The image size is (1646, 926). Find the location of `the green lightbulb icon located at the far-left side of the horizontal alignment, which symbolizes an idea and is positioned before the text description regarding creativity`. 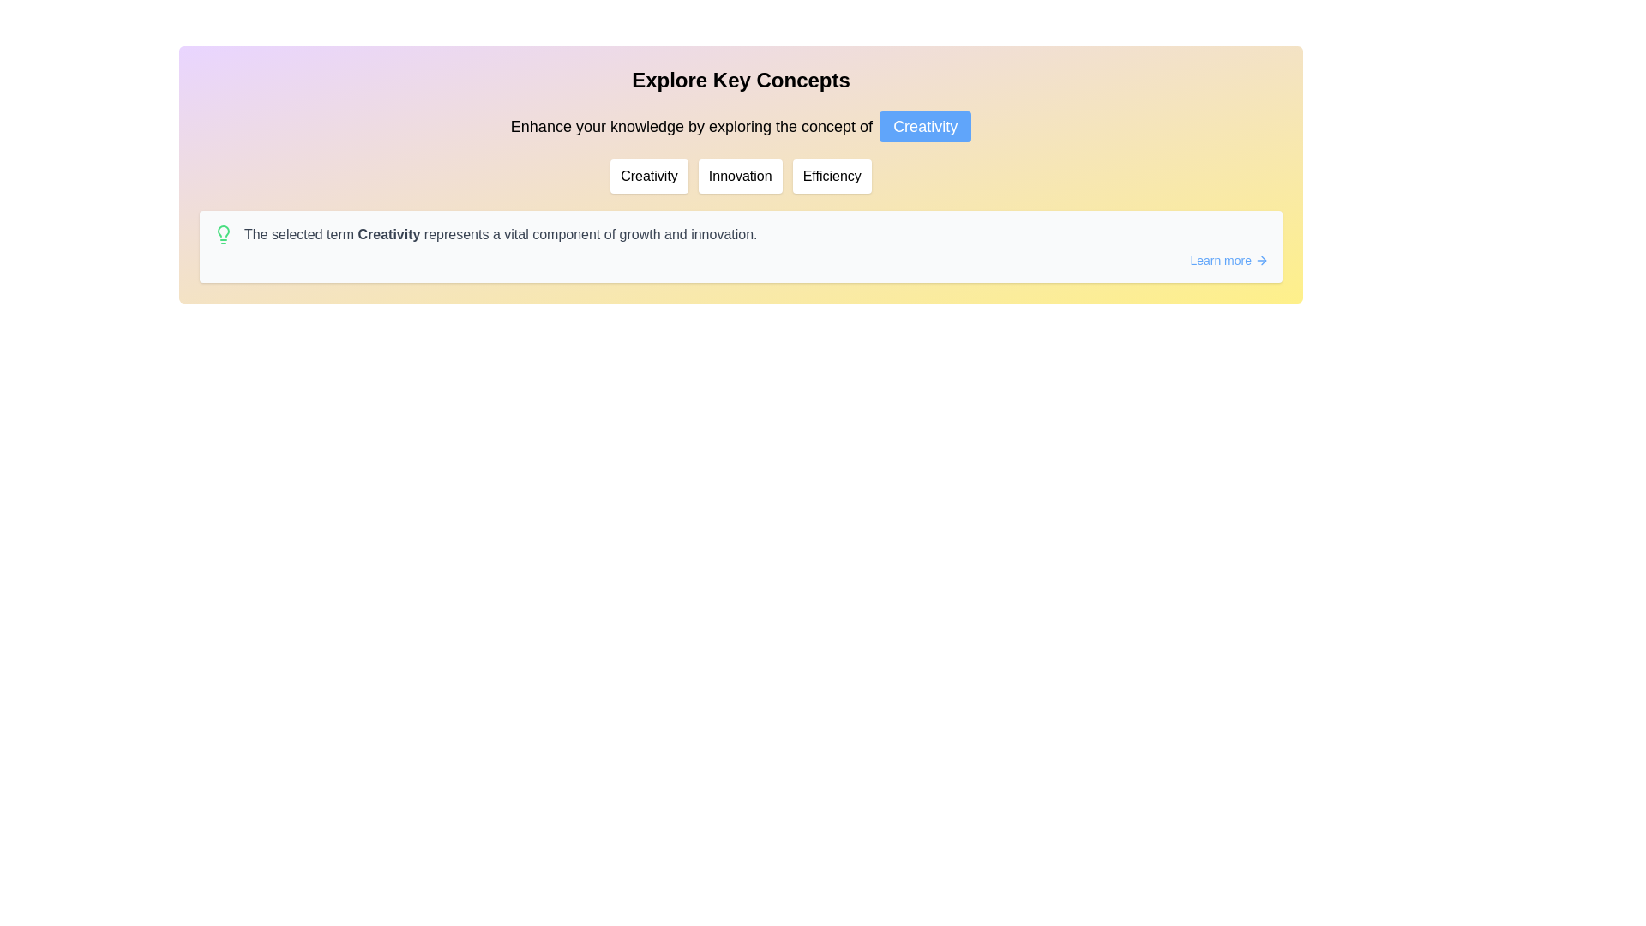

the green lightbulb icon located at the far-left side of the horizontal alignment, which symbolizes an idea and is positioned before the text description regarding creativity is located at coordinates (222, 234).